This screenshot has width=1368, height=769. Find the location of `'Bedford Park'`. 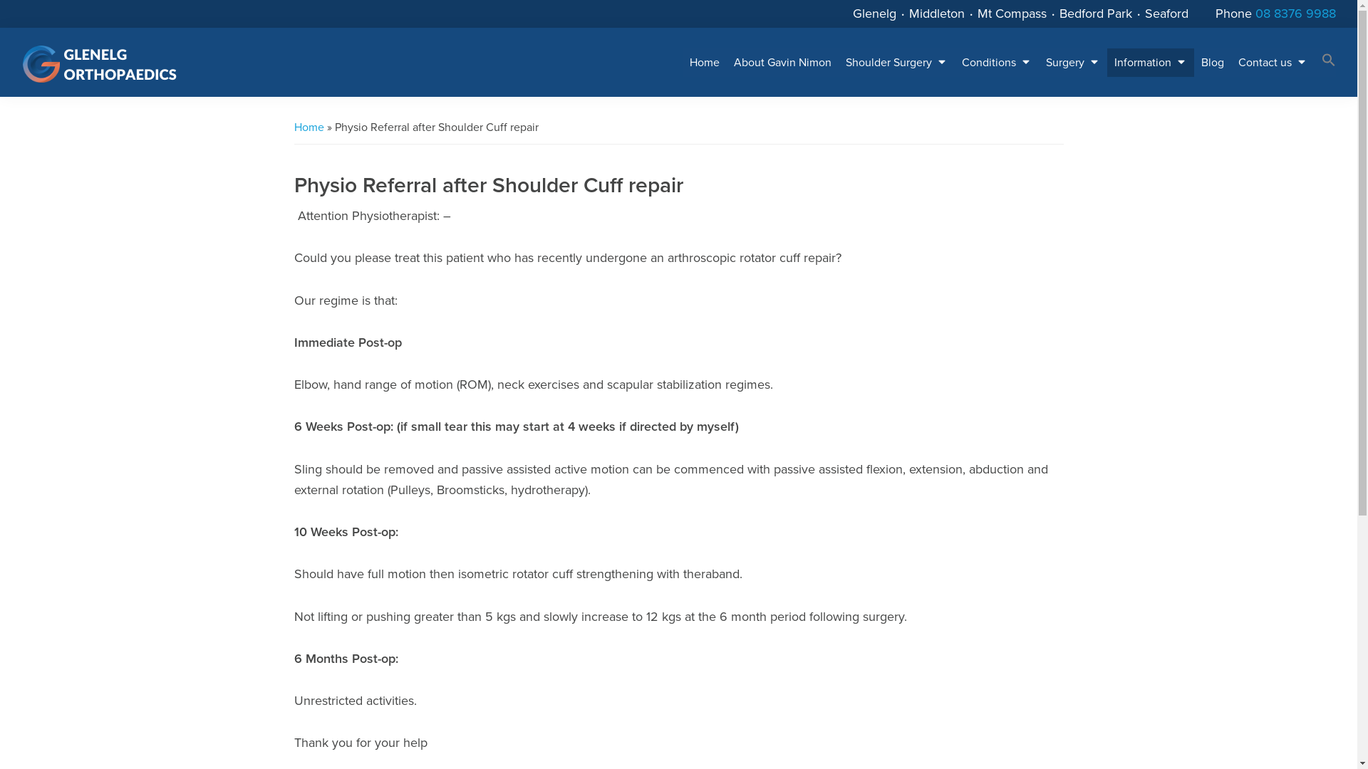

'Bedford Park' is located at coordinates (1094, 14).